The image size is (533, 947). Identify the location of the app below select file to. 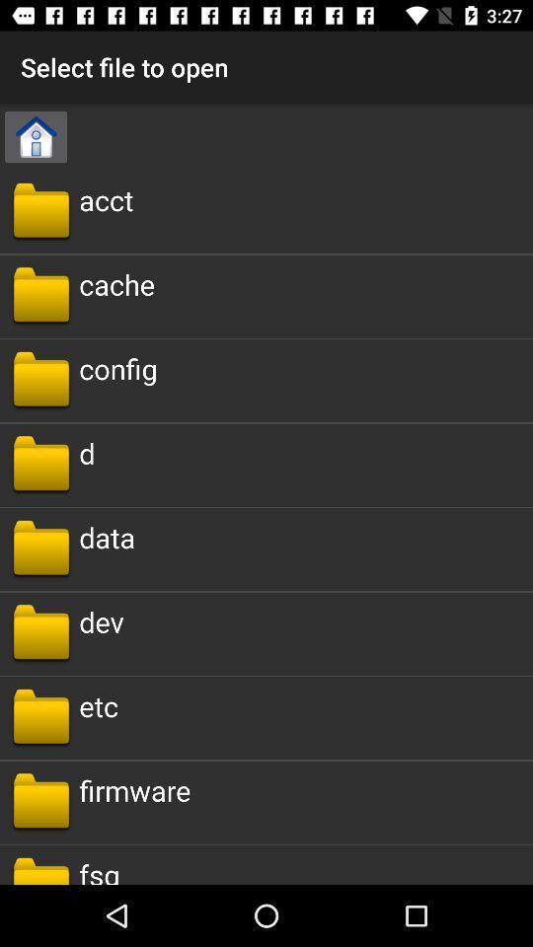
(36, 136).